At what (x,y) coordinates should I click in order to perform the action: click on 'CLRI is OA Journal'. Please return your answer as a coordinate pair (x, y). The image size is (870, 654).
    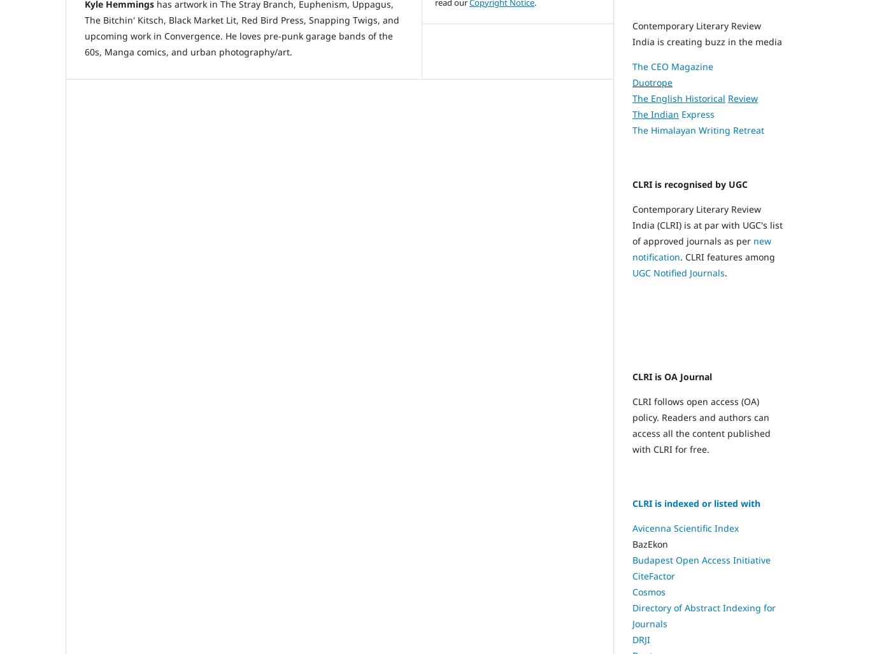
    Looking at the image, I should click on (671, 376).